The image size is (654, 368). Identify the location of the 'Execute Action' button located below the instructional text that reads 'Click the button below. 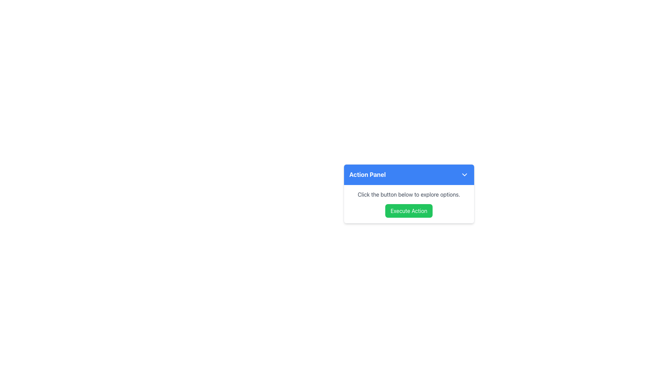
(409, 203).